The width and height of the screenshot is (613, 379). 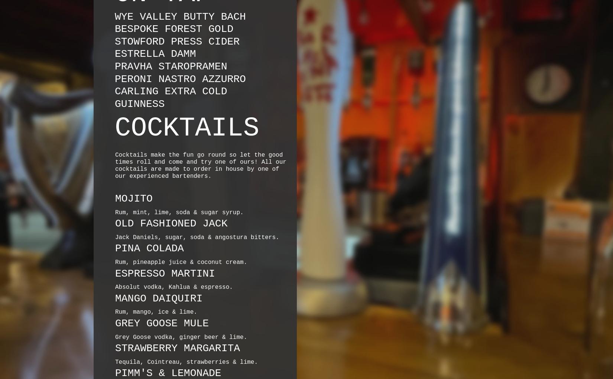 What do you see at coordinates (179, 212) in the screenshot?
I see `'Rum, mint, lime, soda & sugar syrup.'` at bounding box center [179, 212].